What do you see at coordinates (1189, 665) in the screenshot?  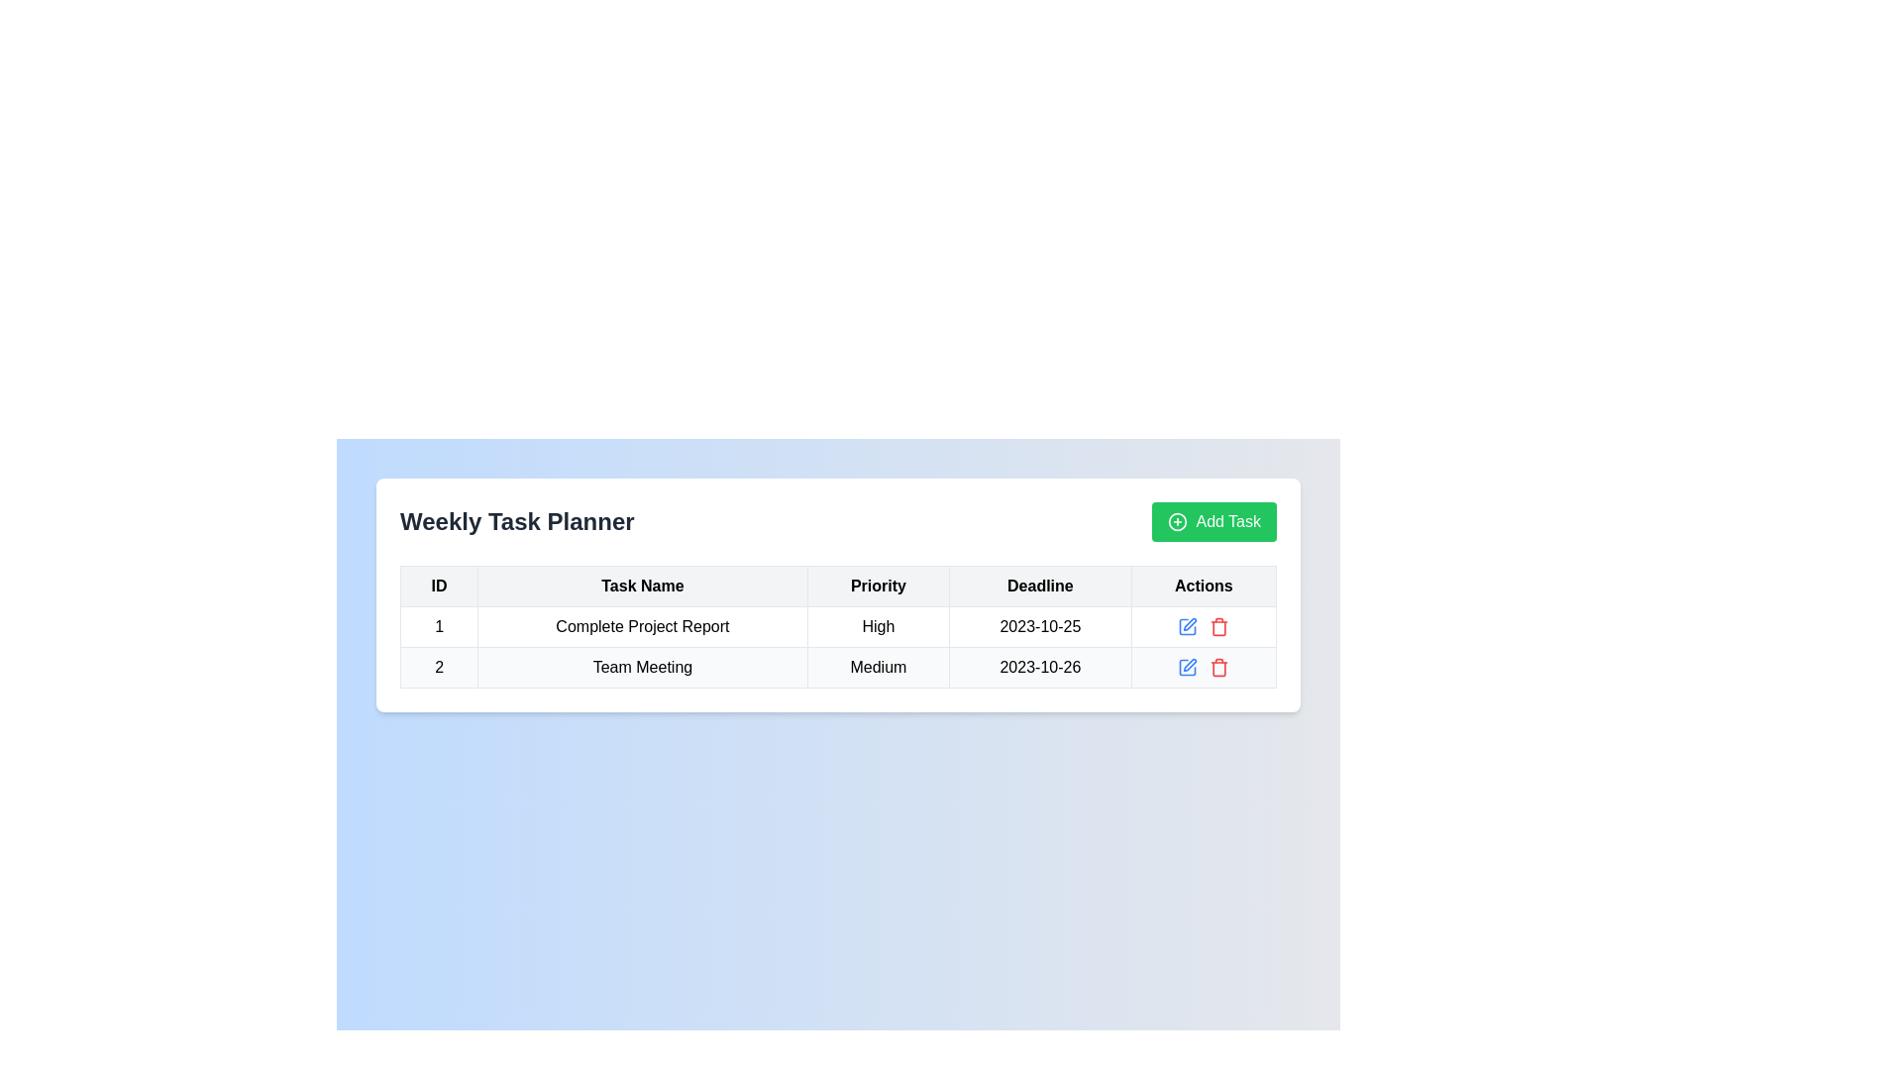 I see `the edit icon for the task 'Team Meeting' located in the 'Actions' column of the second row to initiate editing` at bounding box center [1189, 665].